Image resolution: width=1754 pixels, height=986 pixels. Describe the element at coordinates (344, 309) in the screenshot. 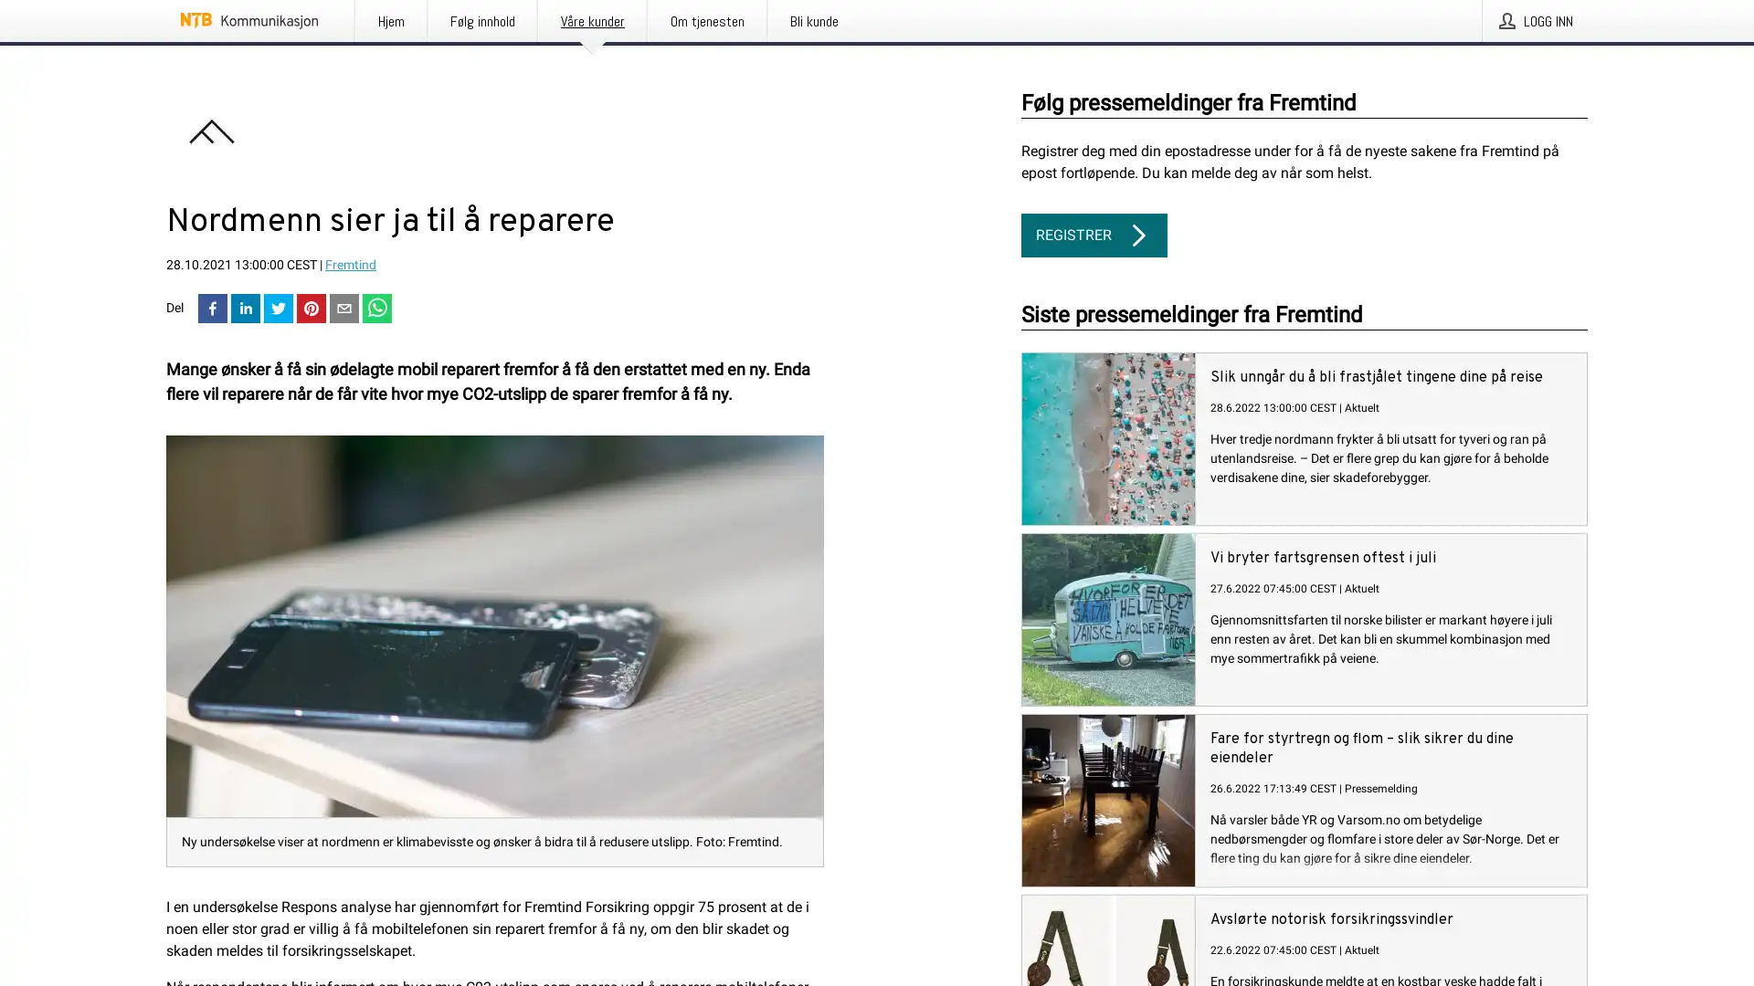

I see `email` at that location.